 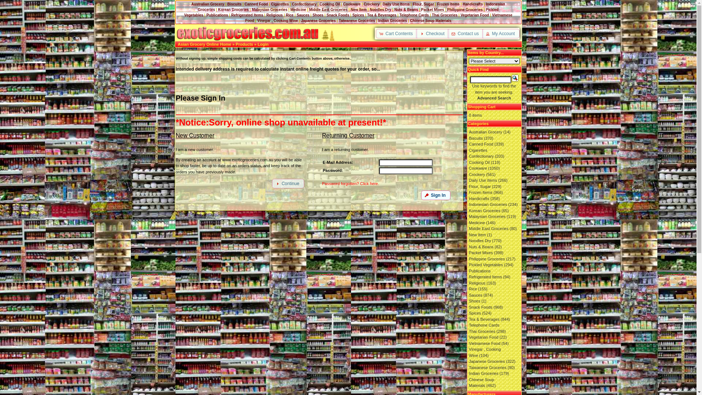 What do you see at coordinates (318, 15) in the screenshot?
I see `'Shoes'` at bounding box center [318, 15].